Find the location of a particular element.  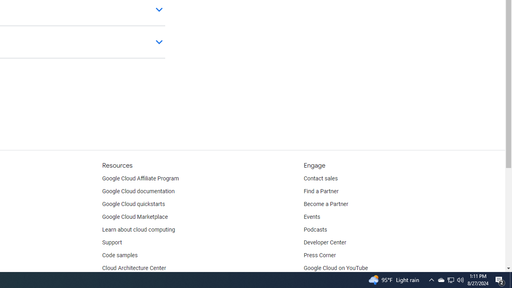

'Support' is located at coordinates (111, 242).